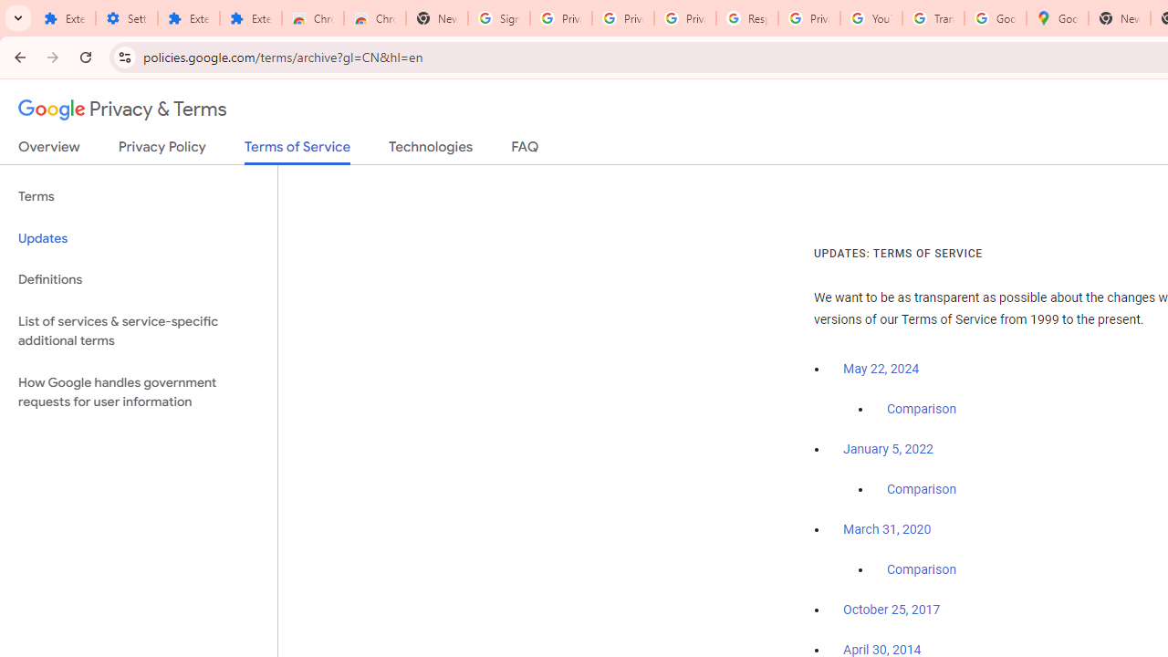 This screenshot has height=657, width=1168. What do you see at coordinates (162, 150) in the screenshot?
I see `'Privacy Policy'` at bounding box center [162, 150].